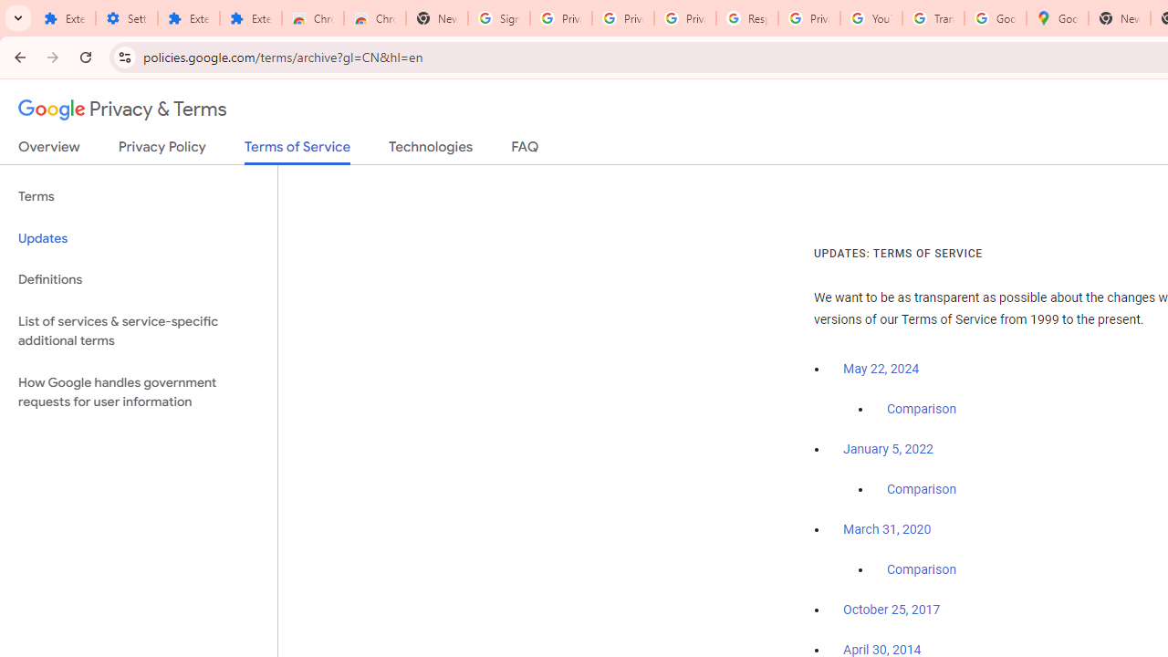 This screenshot has height=657, width=1168. What do you see at coordinates (162, 150) in the screenshot?
I see `'Privacy Policy'` at bounding box center [162, 150].